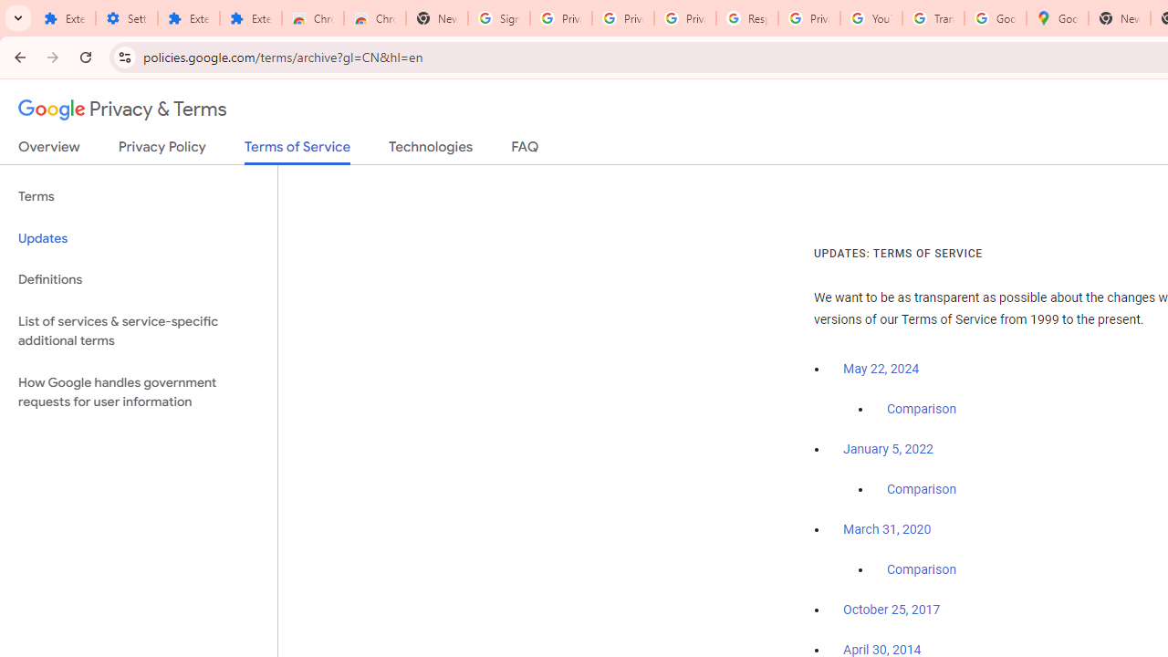 This screenshot has height=657, width=1168. What do you see at coordinates (162, 150) in the screenshot?
I see `'Privacy Policy'` at bounding box center [162, 150].